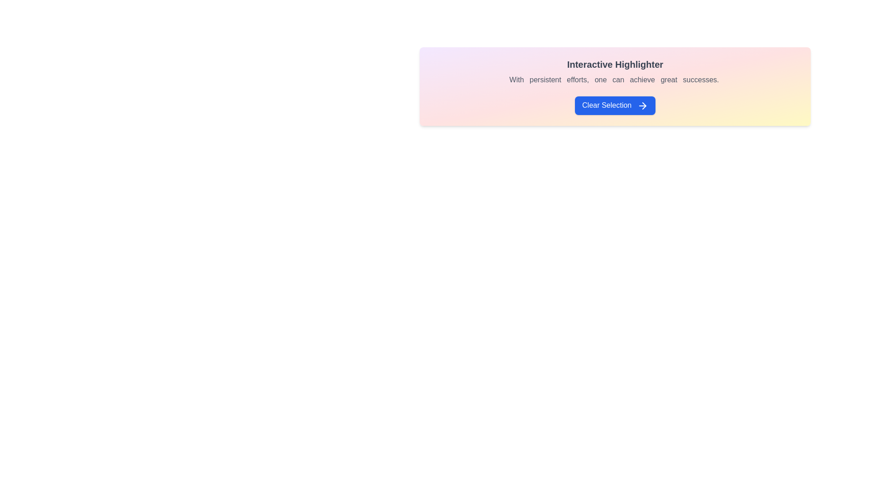  I want to click on the fifth word in the sentence 'With persistent efforts, one can achieve great successes.', which is displayed in a pastel gradient background and is located above a blue button labeled 'Clear Selection', so click(619, 79).